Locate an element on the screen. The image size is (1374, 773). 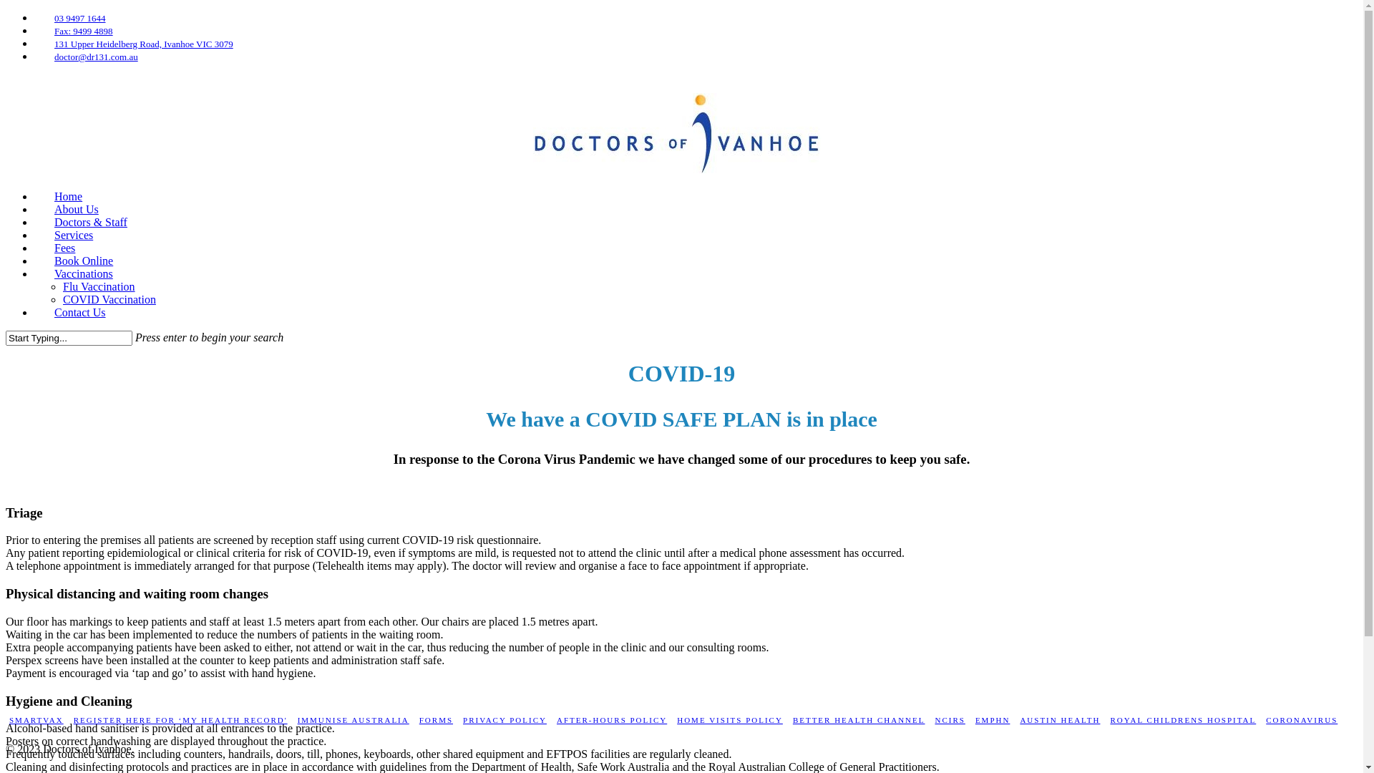
'Doctors & Staff' is located at coordinates (89, 222).